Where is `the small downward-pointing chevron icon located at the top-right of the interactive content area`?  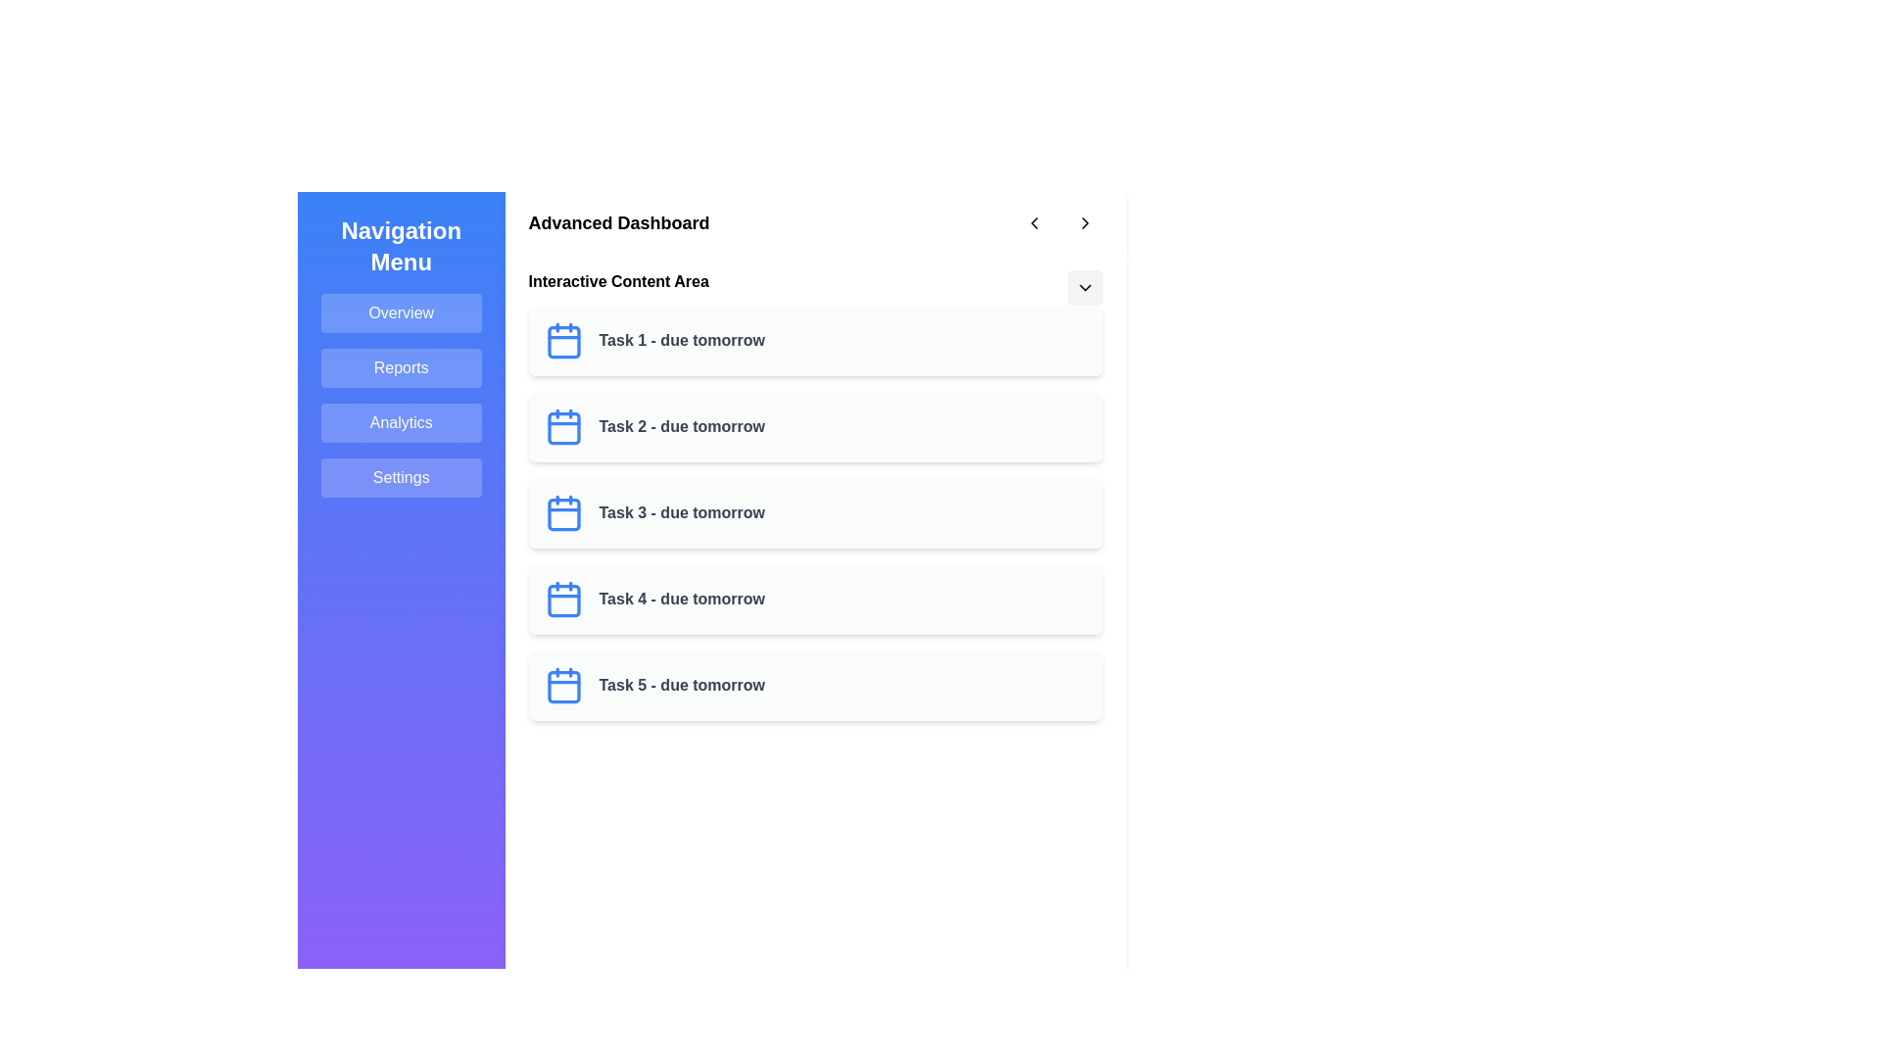 the small downward-pointing chevron icon located at the top-right of the interactive content area is located at coordinates (1085, 287).